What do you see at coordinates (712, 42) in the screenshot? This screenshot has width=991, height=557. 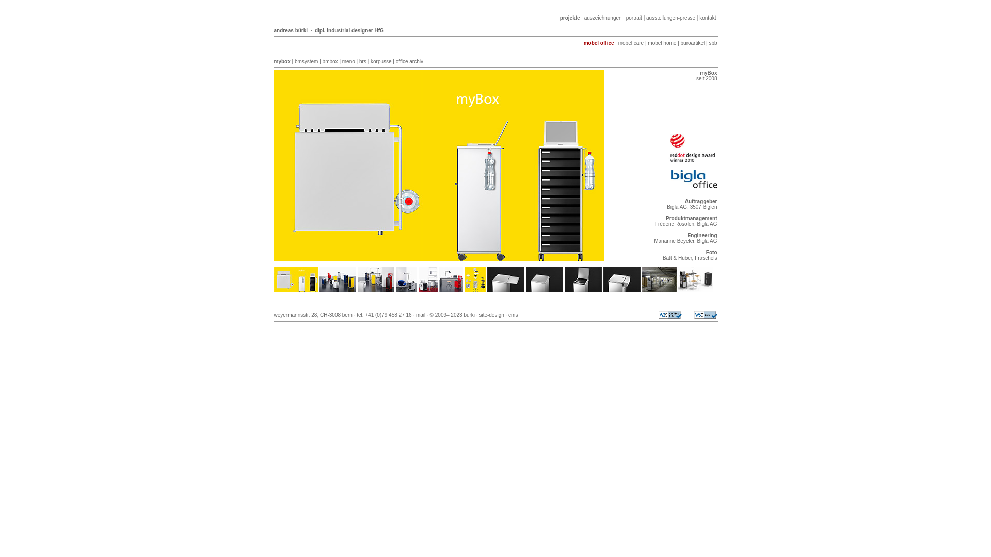 I see `'sbb'` at bounding box center [712, 42].